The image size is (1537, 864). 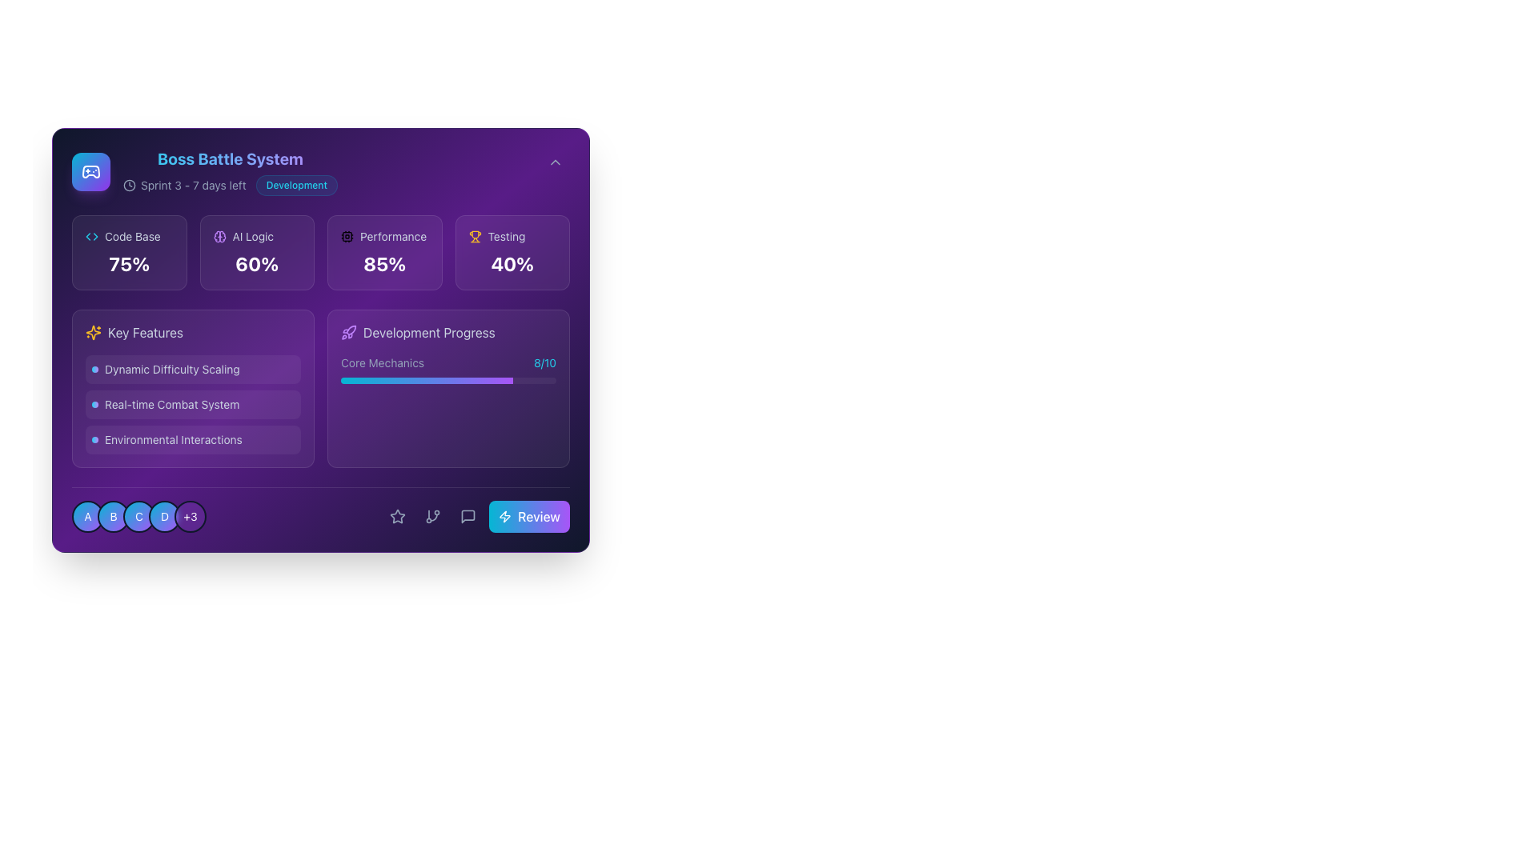 I want to click on the dark green rounded rectangle located within the central area of the square icon on the right side of the main interface, so click(x=346, y=237).